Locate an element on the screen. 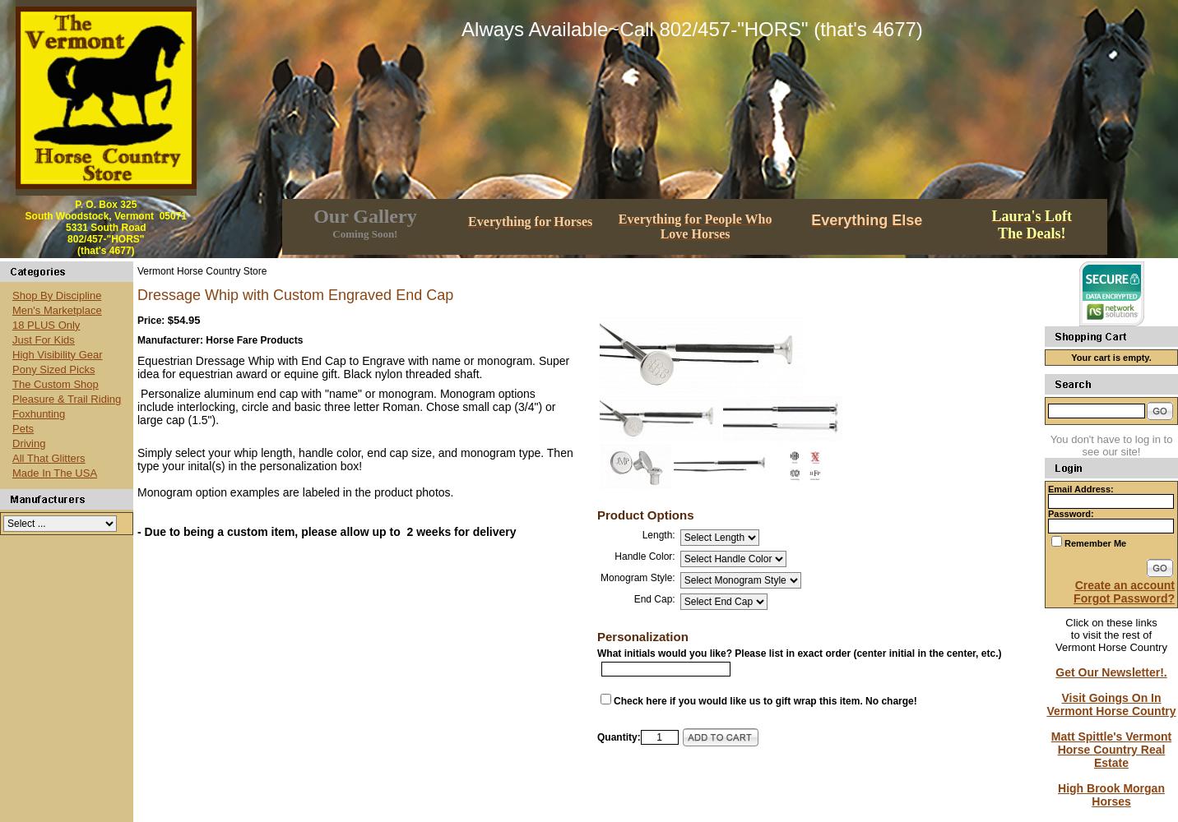  'The Deals!' is located at coordinates (997, 233).